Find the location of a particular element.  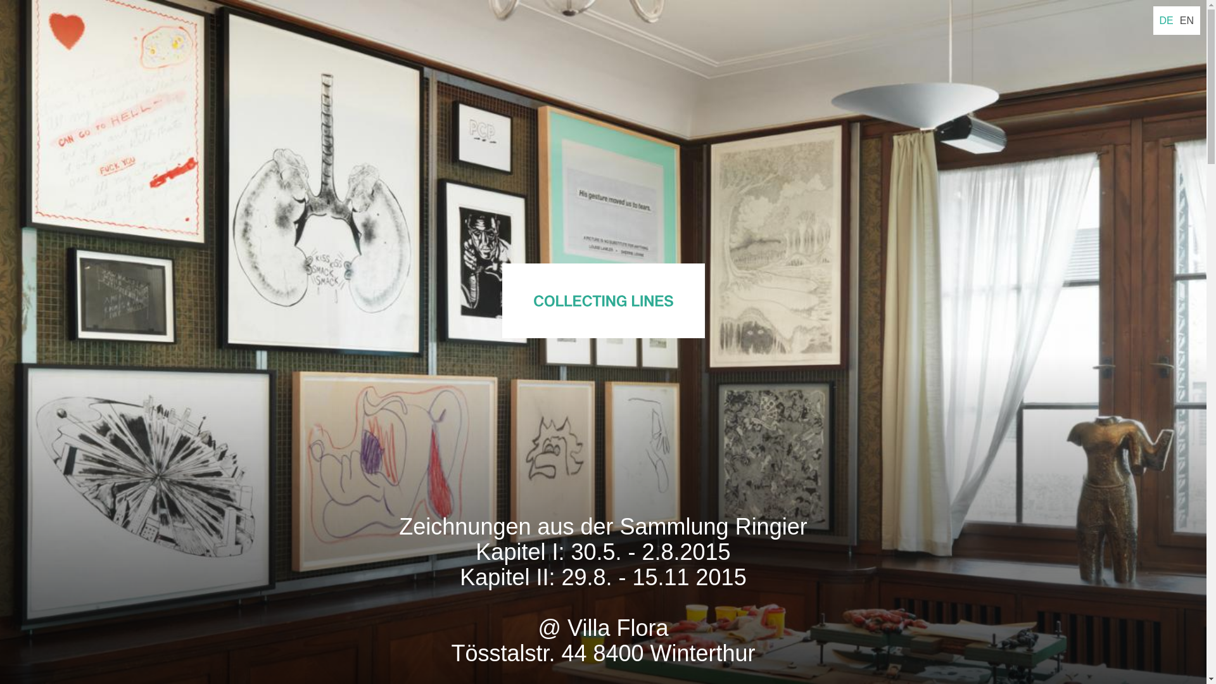

'DE' is located at coordinates (1166, 20).